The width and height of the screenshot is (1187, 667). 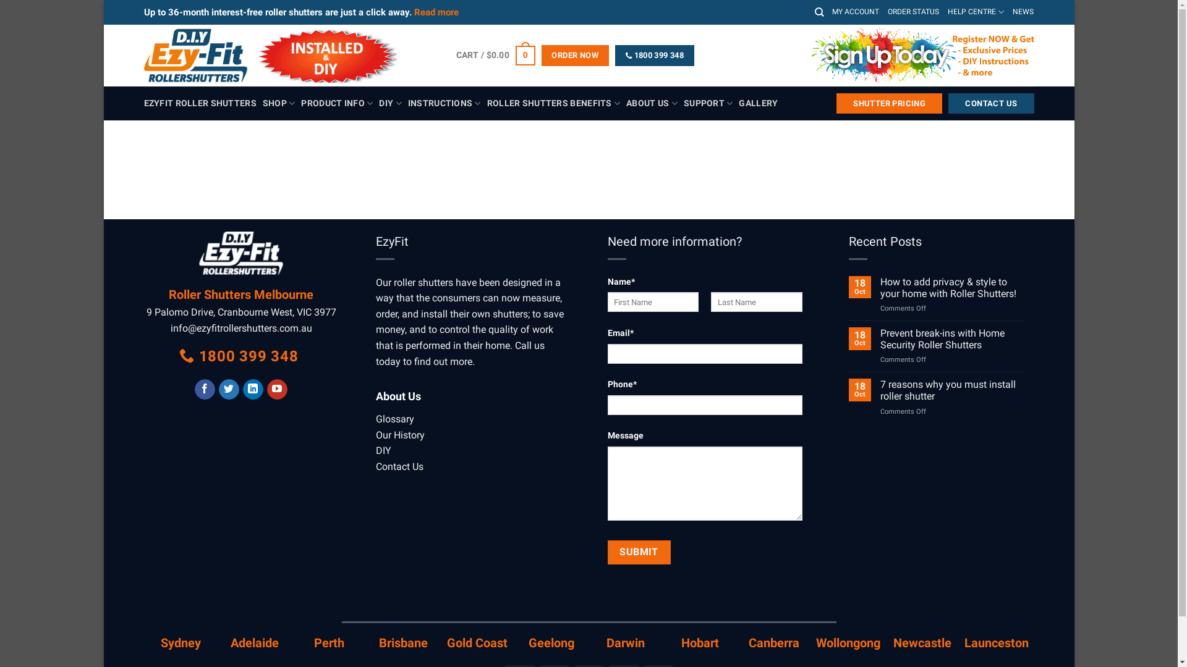 What do you see at coordinates (240, 357) in the screenshot?
I see `'1800 399 348'` at bounding box center [240, 357].